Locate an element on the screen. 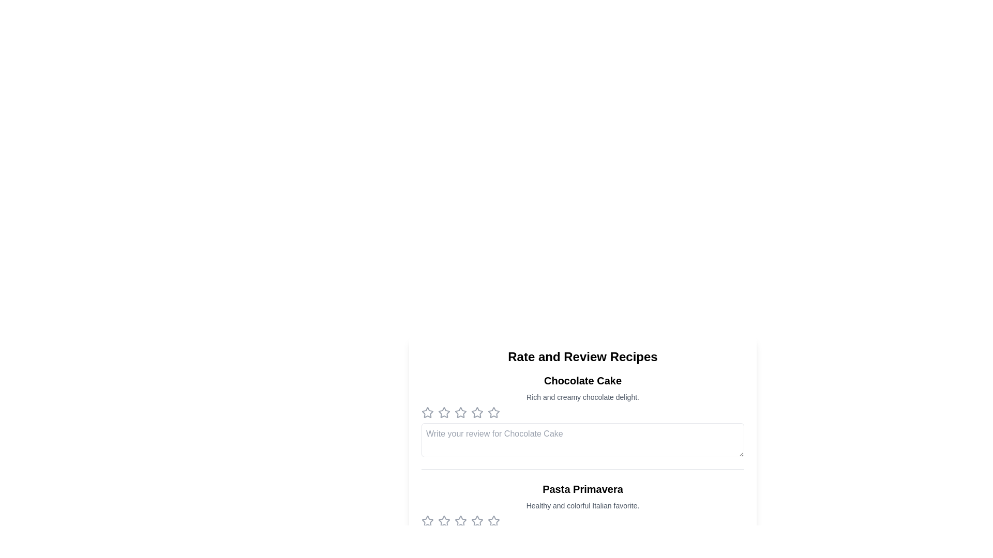  the second star icon in the rating system located under the 'Rate and Review Recipes' section for the 'Chocolate Cake' recipe is located at coordinates (460, 412).